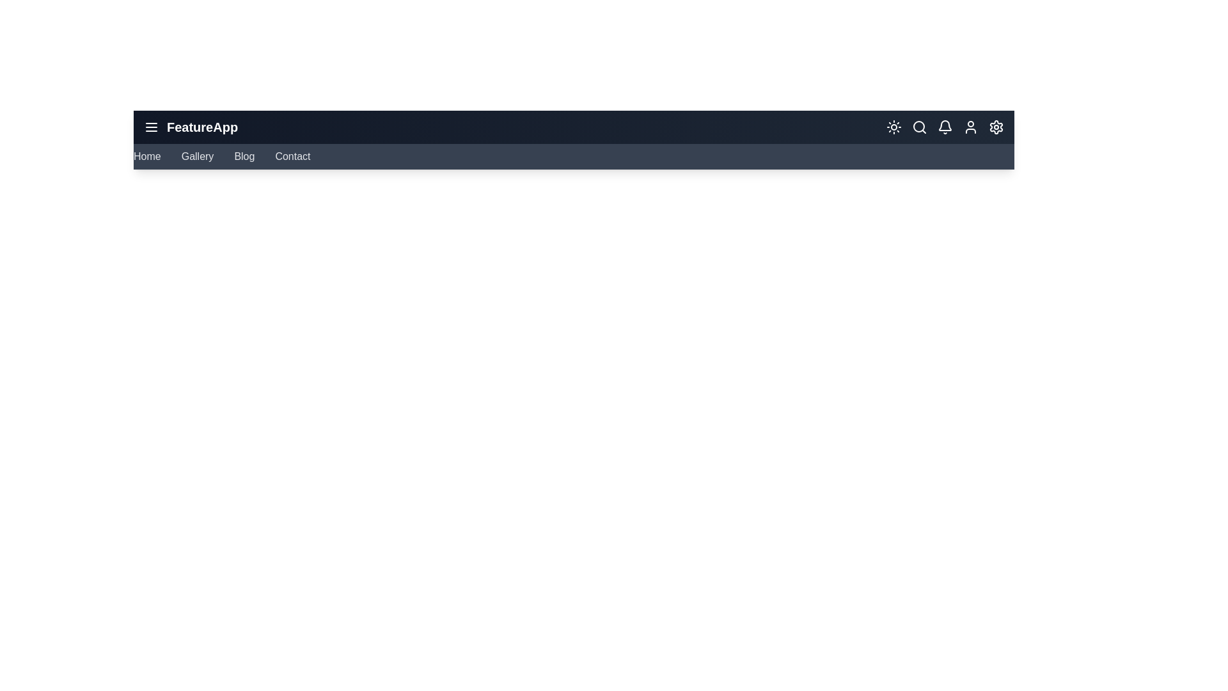 Image resolution: width=1228 pixels, height=691 pixels. Describe the element at coordinates (893, 127) in the screenshot. I see `the theme toggle button to switch between light and dark themes` at that location.